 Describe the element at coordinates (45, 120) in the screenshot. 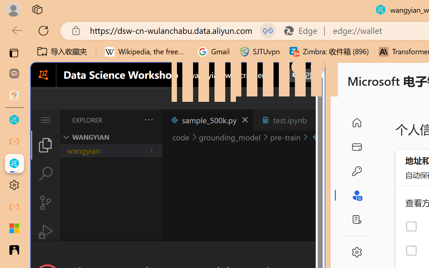

I see `'Class: menubar compact overflow-menu-only'` at that location.